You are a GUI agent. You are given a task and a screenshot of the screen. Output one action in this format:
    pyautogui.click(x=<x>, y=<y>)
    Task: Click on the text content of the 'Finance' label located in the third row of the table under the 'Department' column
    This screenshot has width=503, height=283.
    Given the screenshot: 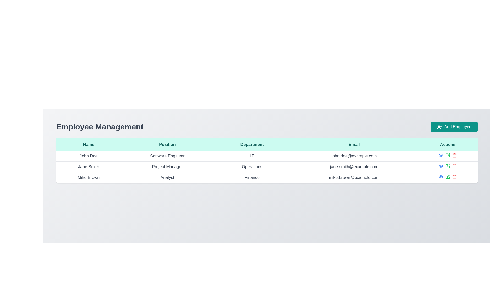 What is the action you would take?
    pyautogui.click(x=252, y=177)
    